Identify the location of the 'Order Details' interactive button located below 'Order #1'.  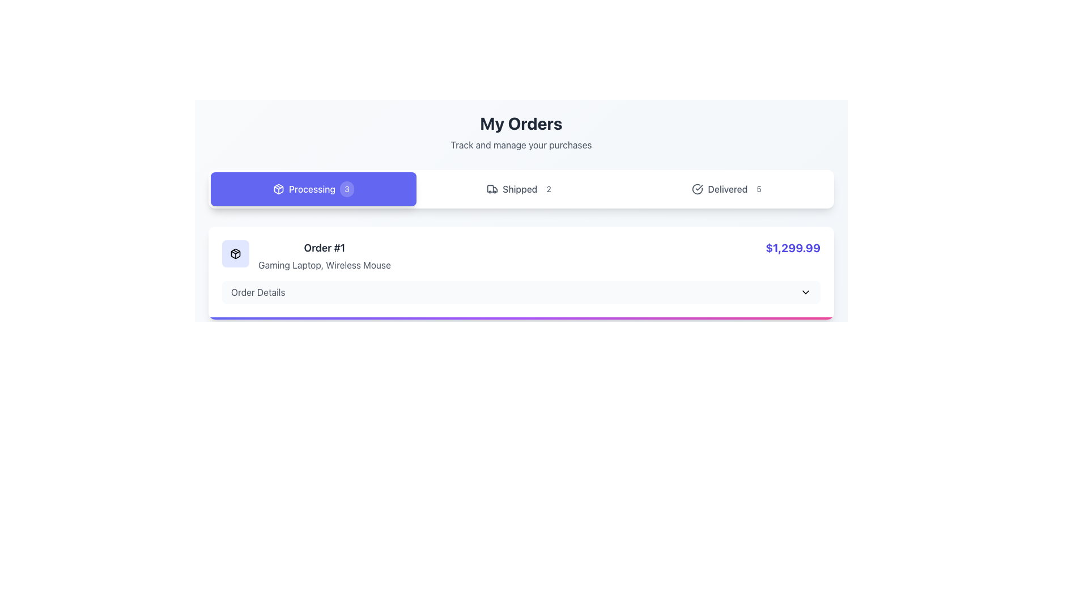
(521, 292).